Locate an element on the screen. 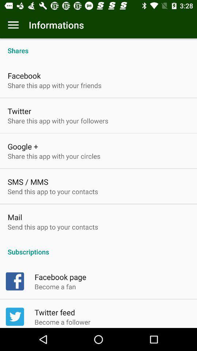 The image size is (197, 351). the shares is located at coordinates (98, 46).